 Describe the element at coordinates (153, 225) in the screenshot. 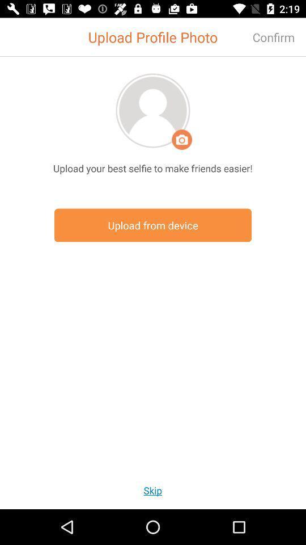

I see `the upload from device app` at that location.